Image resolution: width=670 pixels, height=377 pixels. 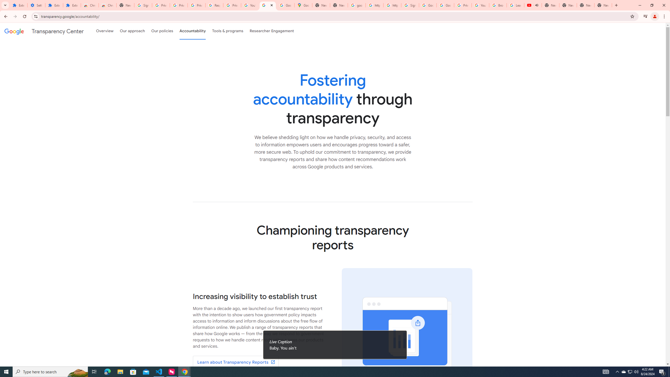 What do you see at coordinates (107, 5) in the screenshot?
I see `'Chrome Web Store - Themes'` at bounding box center [107, 5].